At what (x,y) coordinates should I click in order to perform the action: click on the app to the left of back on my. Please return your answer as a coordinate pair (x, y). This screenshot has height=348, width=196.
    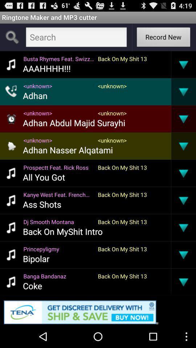
    Looking at the image, I should click on (46, 68).